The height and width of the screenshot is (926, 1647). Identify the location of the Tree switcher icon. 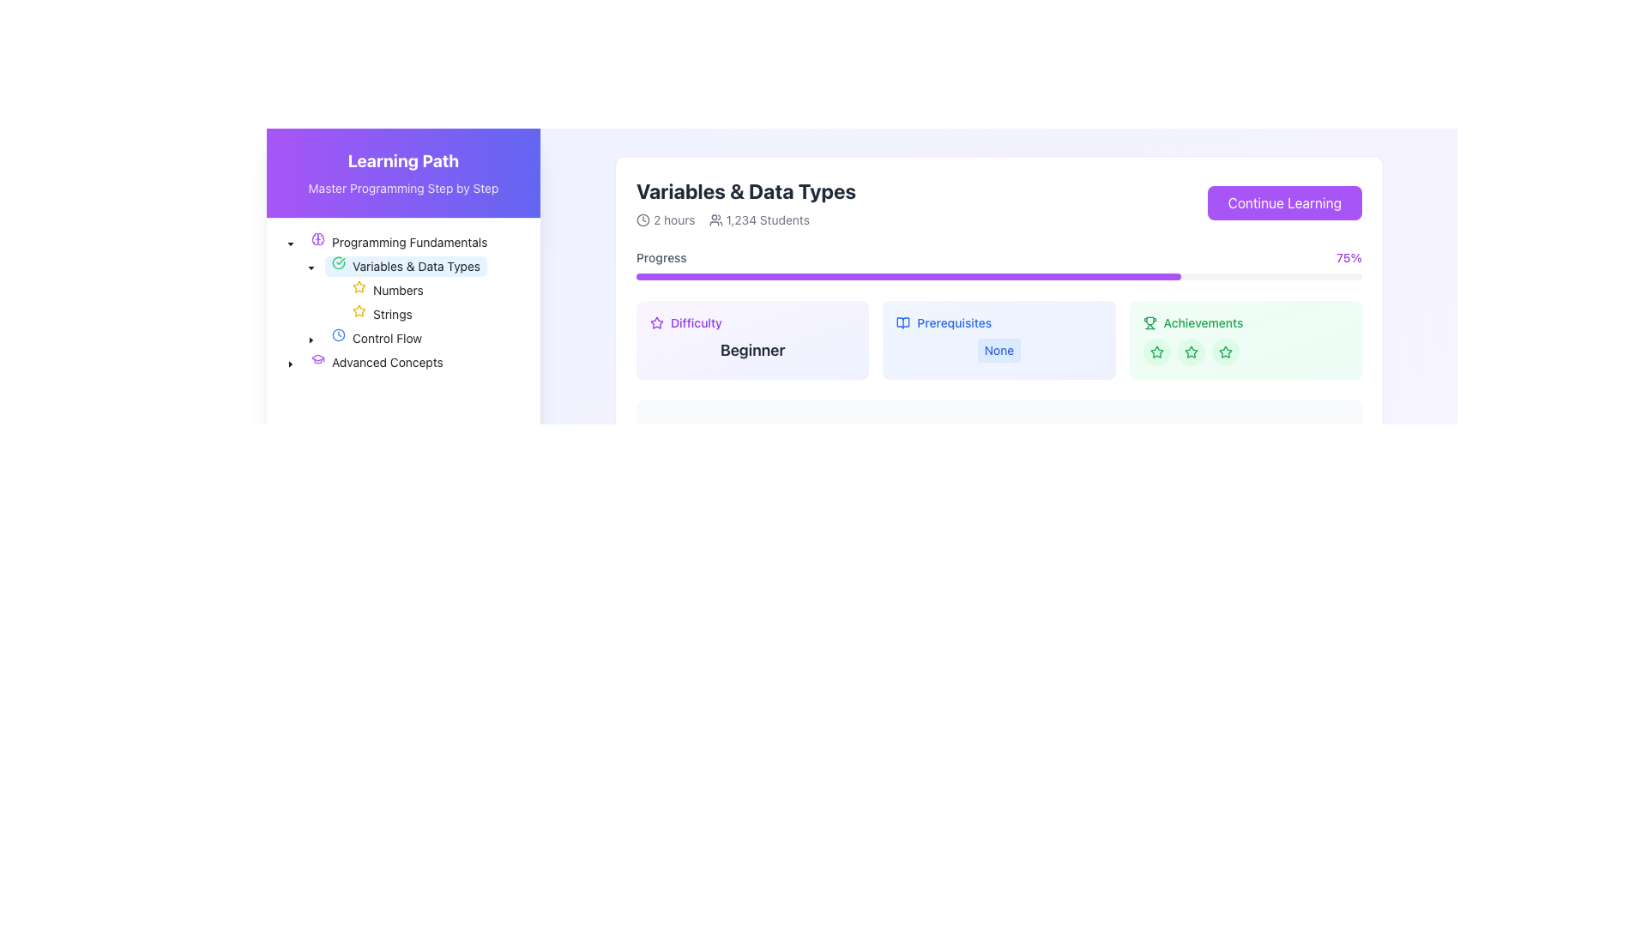
(311, 338).